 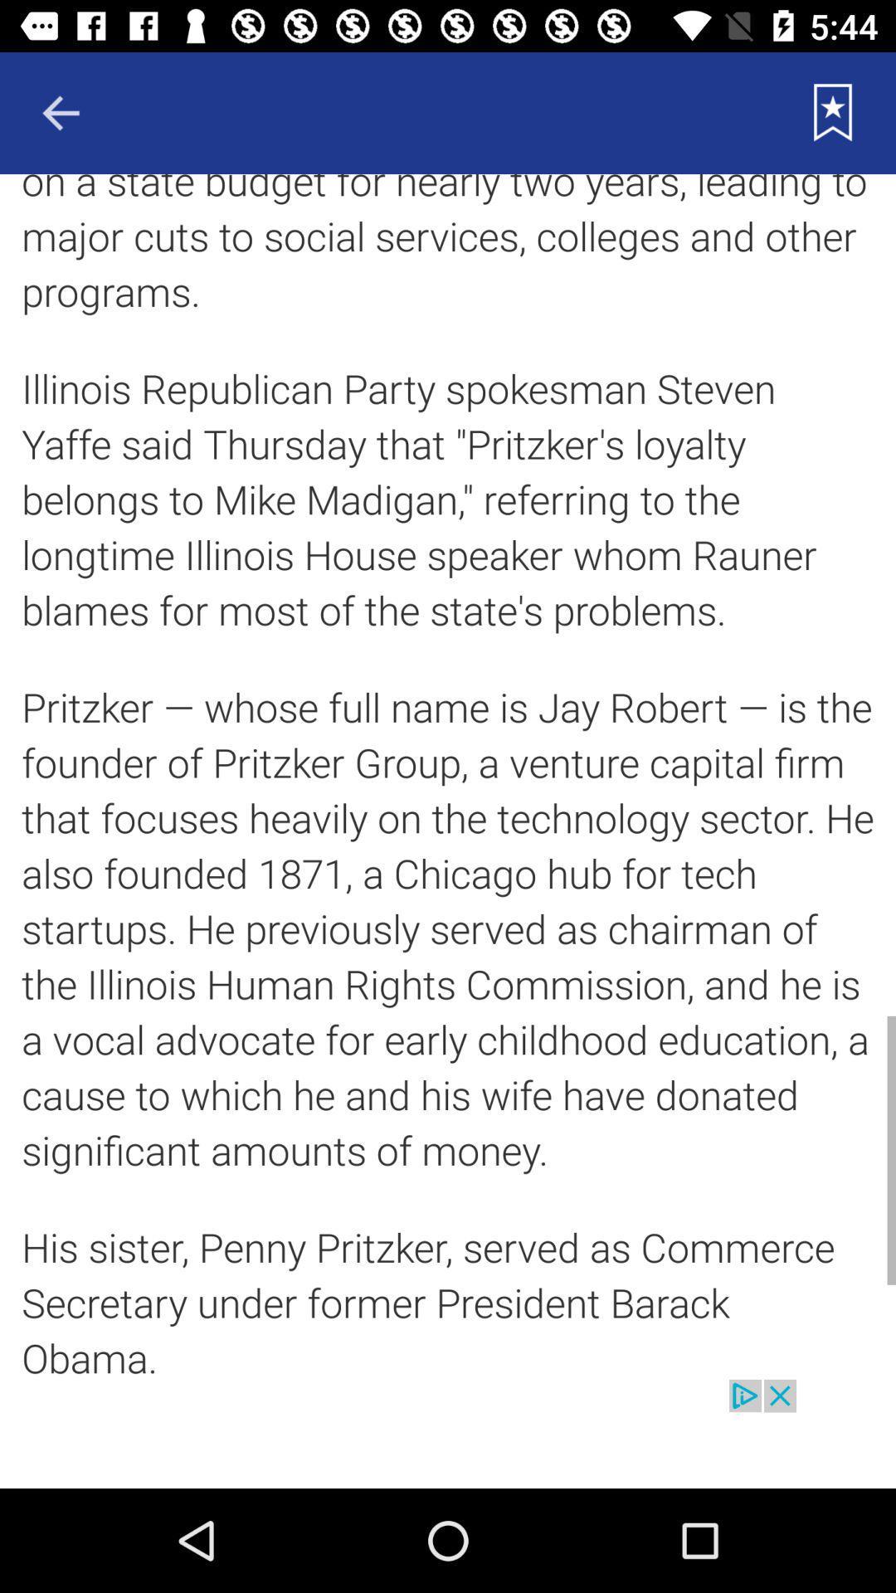 I want to click on click on text, so click(x=448, y=776).